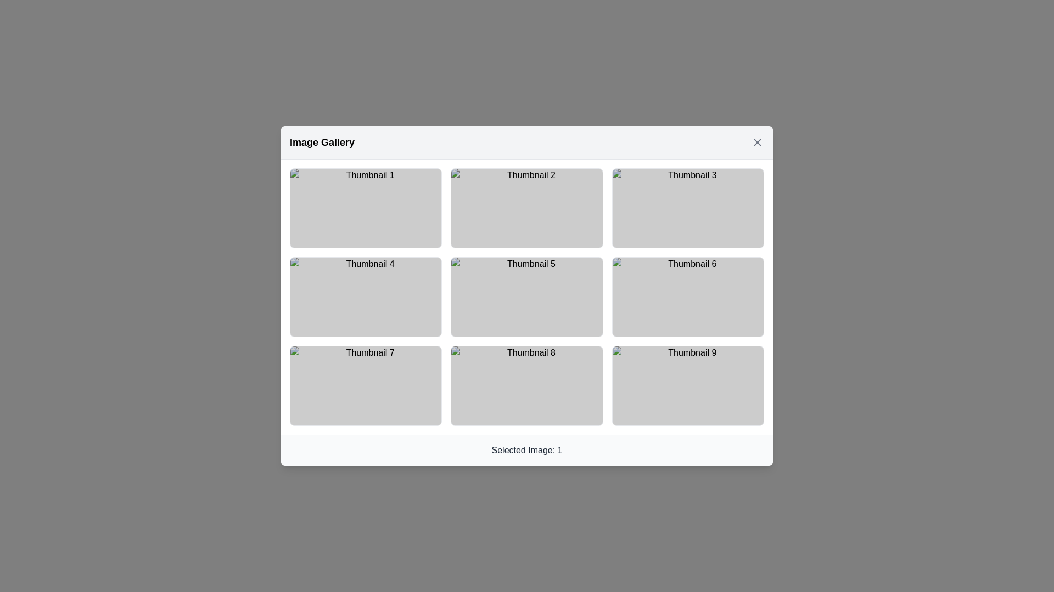  I want to click on the close button located at the top-right corner of the interface, so click(757, 141).